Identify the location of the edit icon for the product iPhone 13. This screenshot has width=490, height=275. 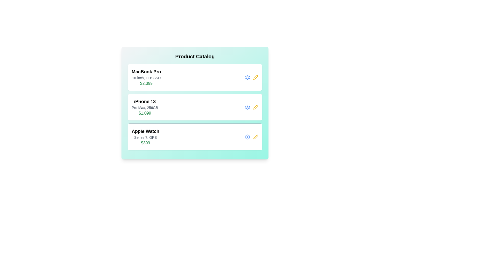
(256, 107).